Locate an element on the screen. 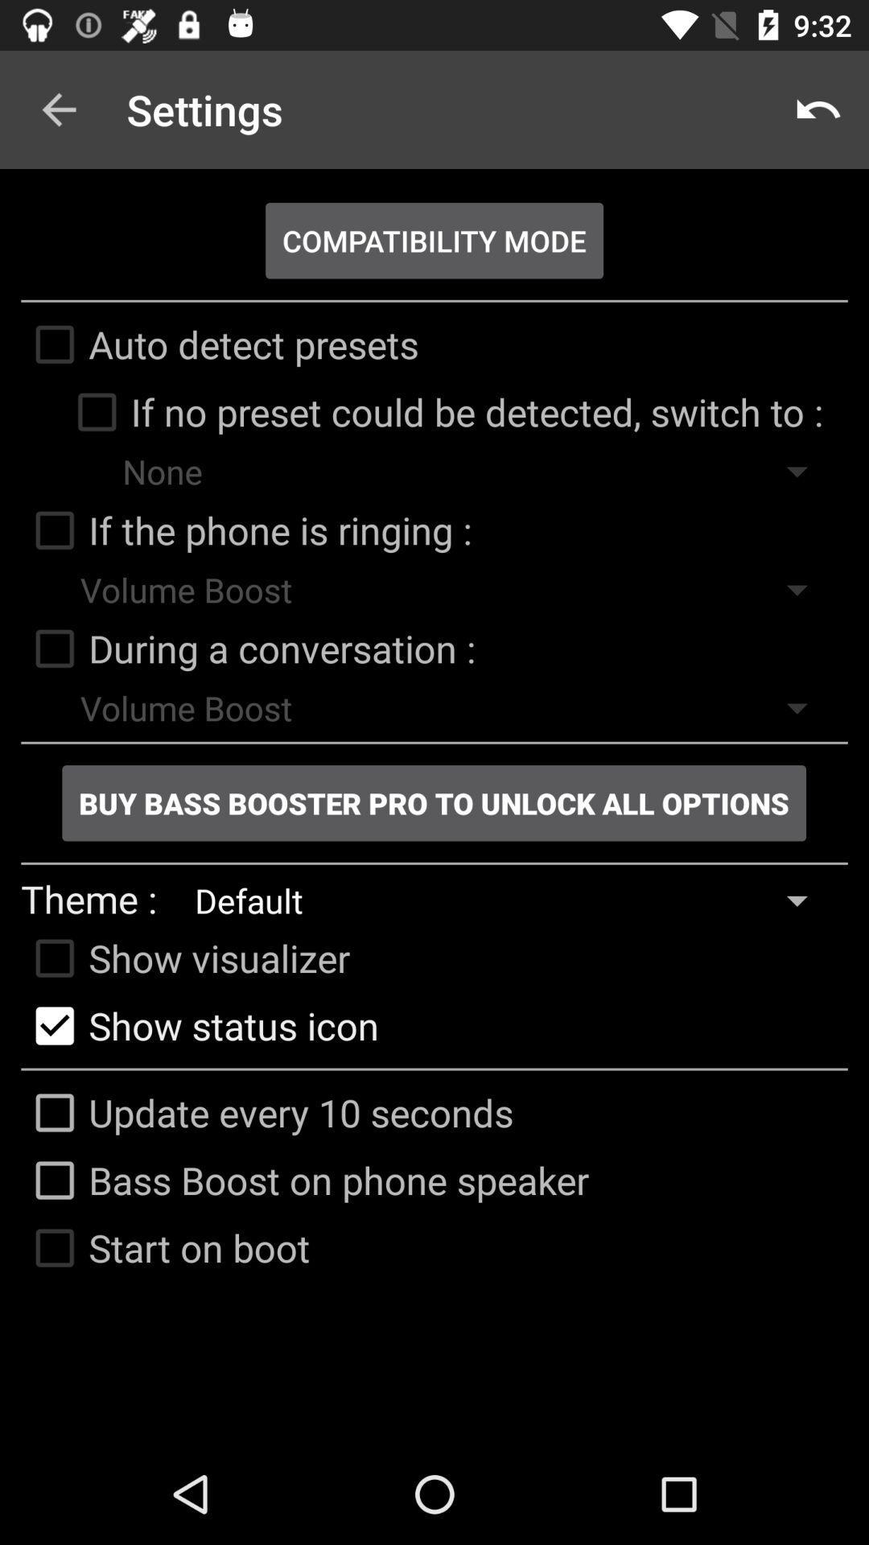 This screenshot has width=869, height=1545. the item below auto detect presets is located at coordinates (443, 412).